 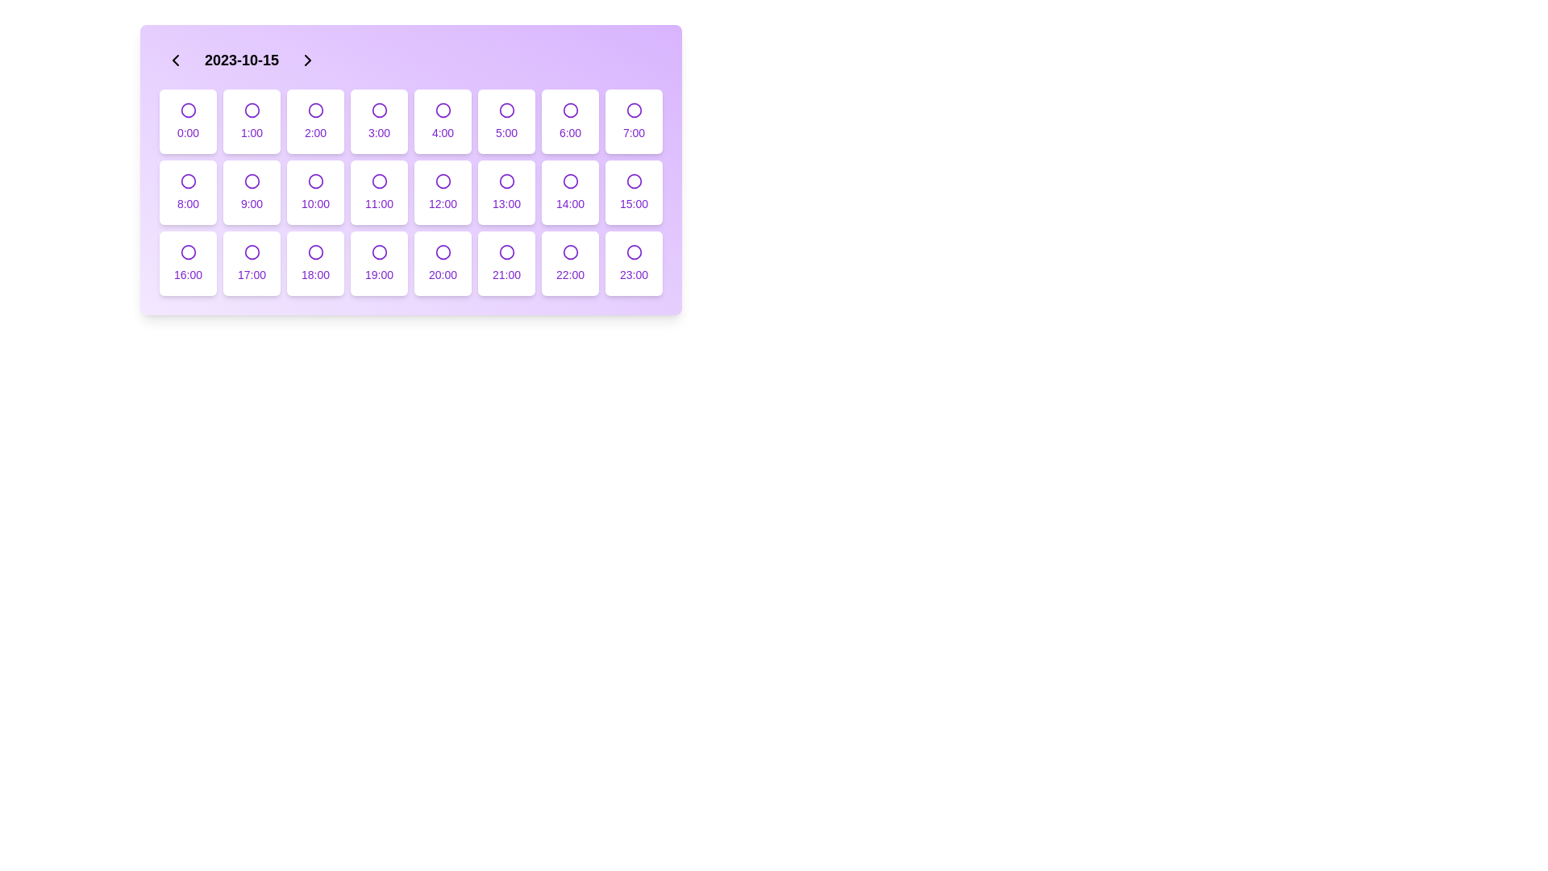 What do you see at coordinates (506, 120) in the screenshot?
I see `the interactive time selection button for the '5:00' time slot, which is the sixth button in the first row of the grid layout` at bounding box center [506, 120].